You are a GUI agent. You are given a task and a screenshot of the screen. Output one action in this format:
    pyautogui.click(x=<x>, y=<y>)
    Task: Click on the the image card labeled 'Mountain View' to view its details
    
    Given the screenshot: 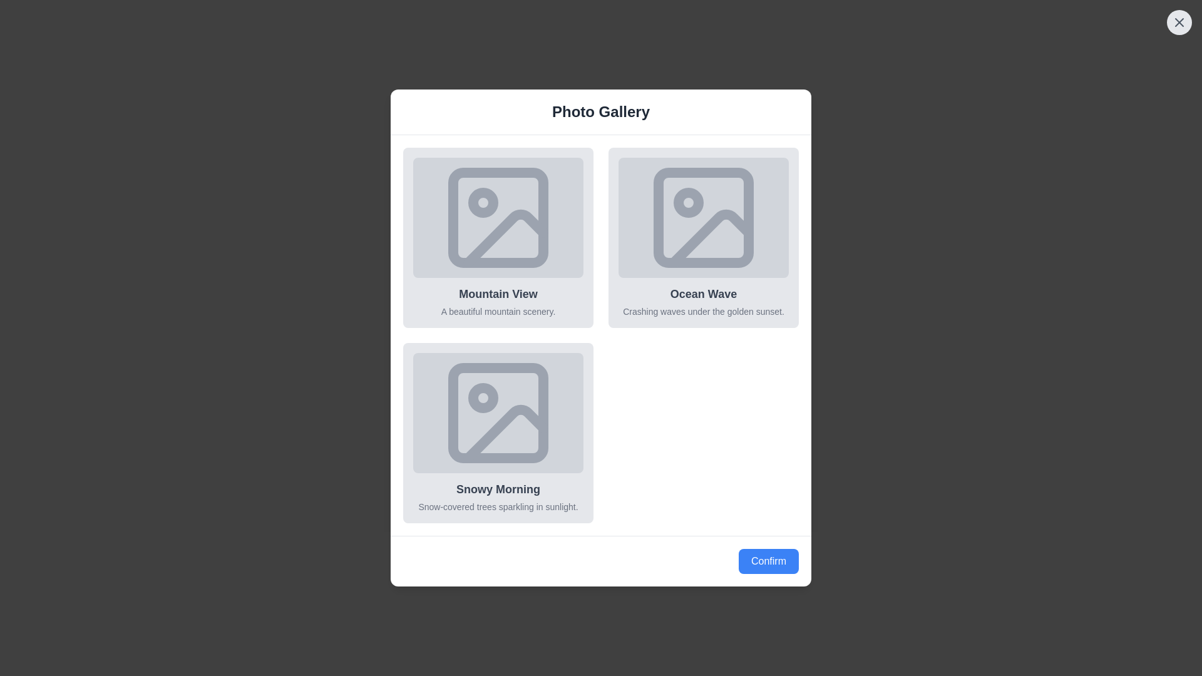 What is the action you would take?
    pyautogui.click(x=498, y=238)
    